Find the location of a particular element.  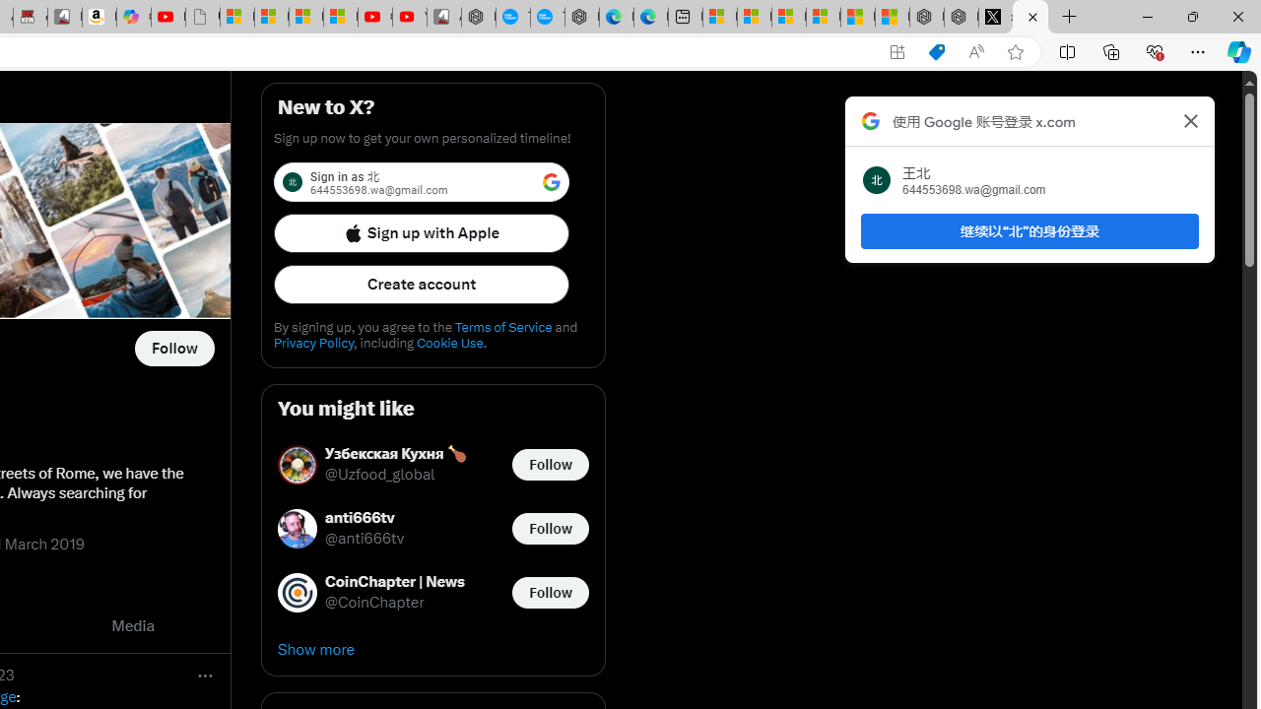

'Class: LgbsSe-Bz112c' is located at coordinates (552, 181).